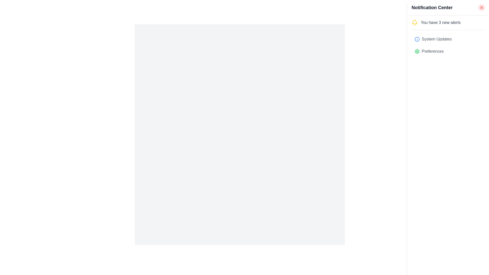 This screenshot has width=489, height=275. I want to click on the close icon located at the top-right corner of the notification area header, so click(481, 8).